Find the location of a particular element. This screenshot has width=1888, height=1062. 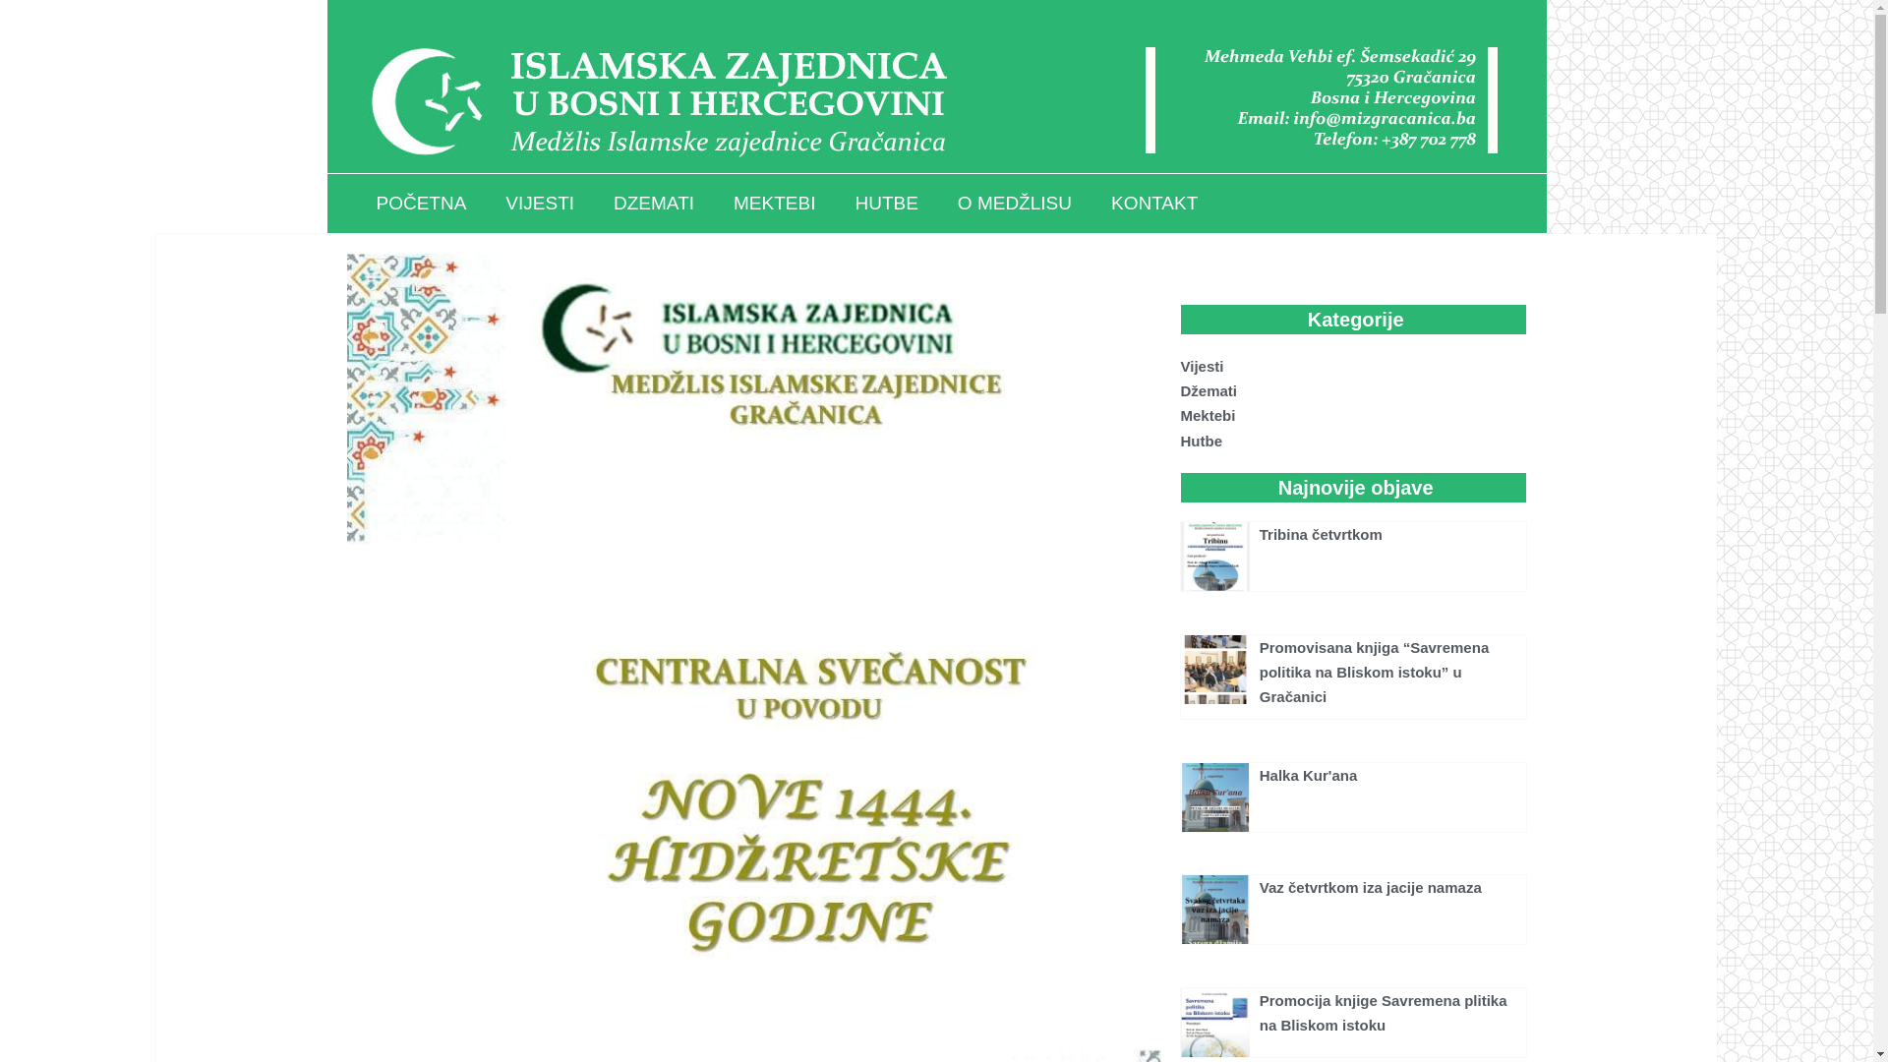

'DZEMATI' is located at coordinates (654, 204).